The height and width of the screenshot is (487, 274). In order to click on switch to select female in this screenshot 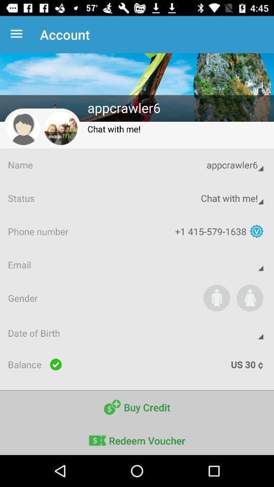, I will do `click(249, 298)`.